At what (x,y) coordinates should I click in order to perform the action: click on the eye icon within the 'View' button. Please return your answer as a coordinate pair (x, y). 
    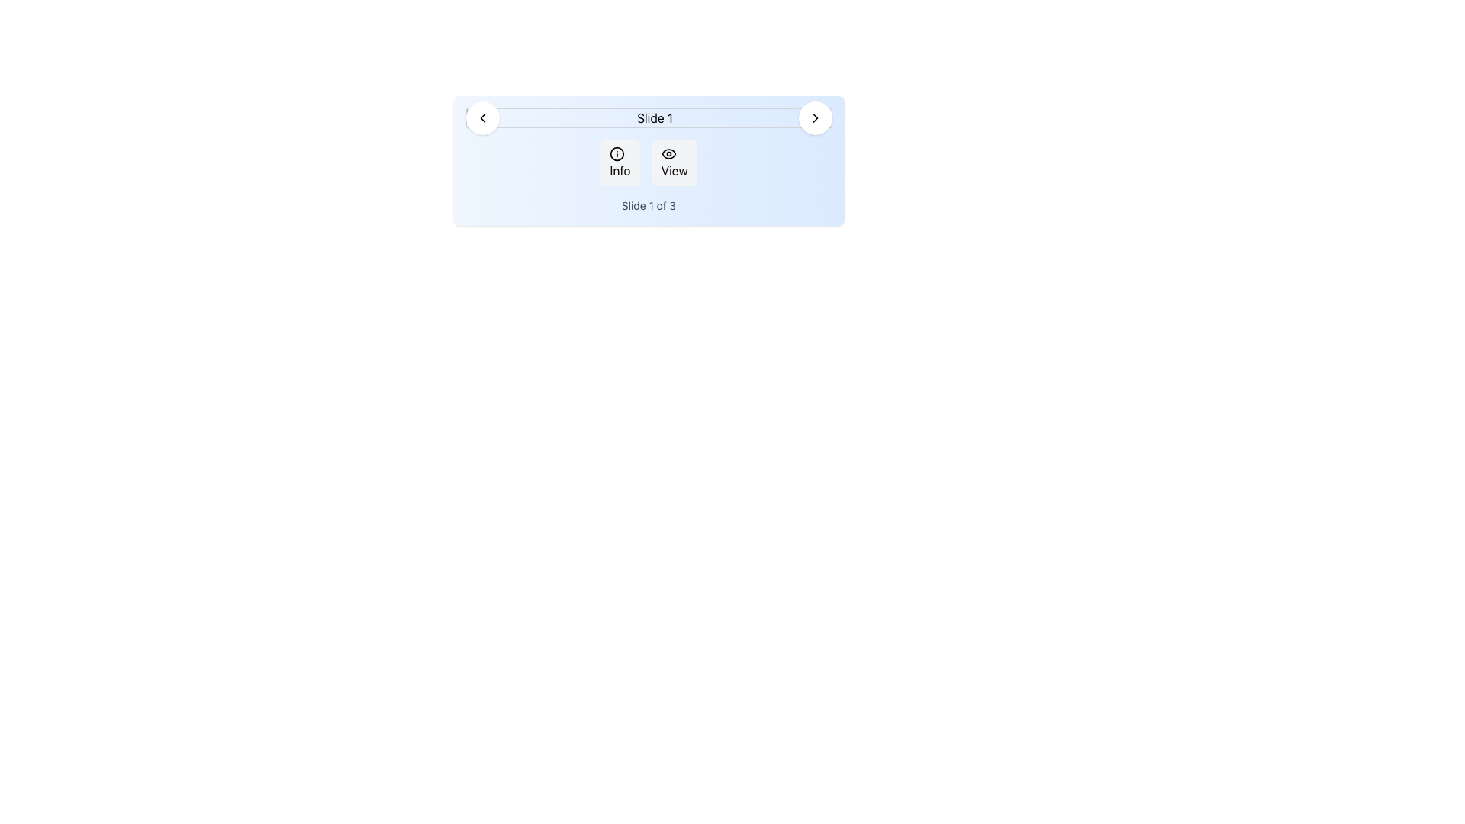
    Looking at the image, I should click on (668, 153).